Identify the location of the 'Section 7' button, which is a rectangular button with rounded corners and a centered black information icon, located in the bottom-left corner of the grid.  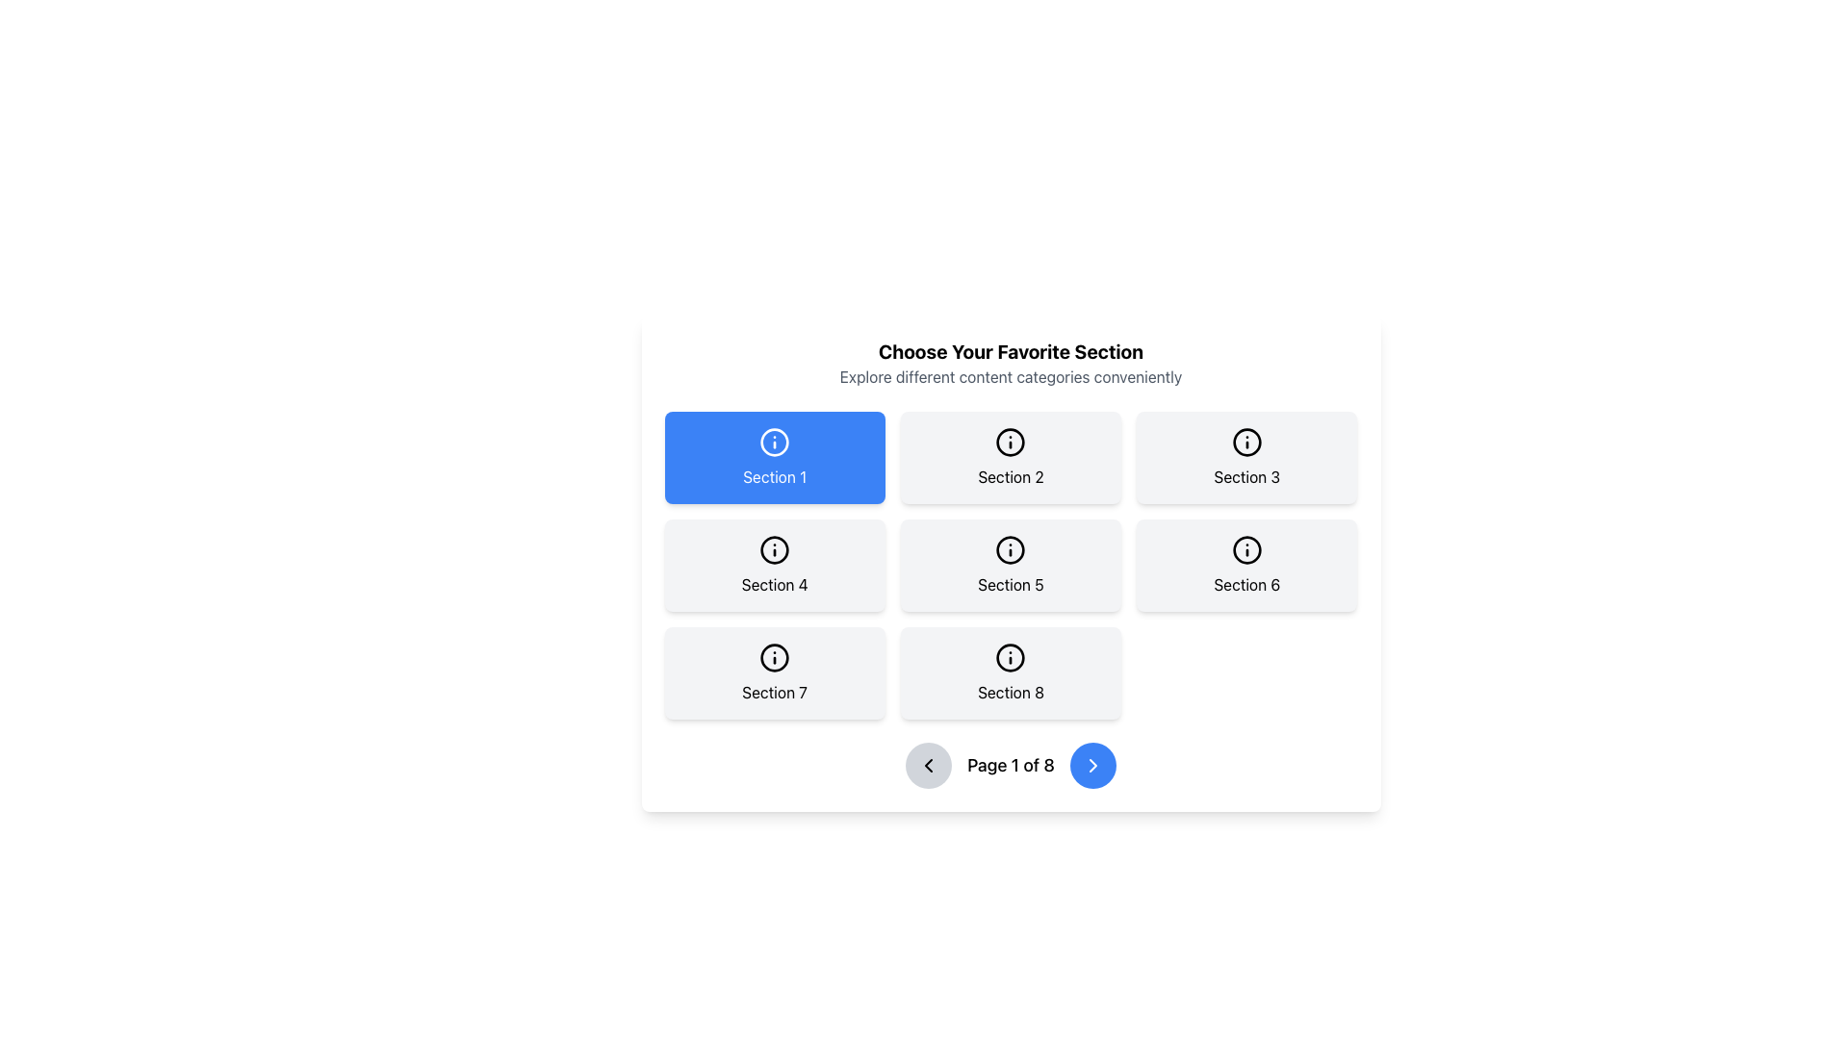
(775, 672).